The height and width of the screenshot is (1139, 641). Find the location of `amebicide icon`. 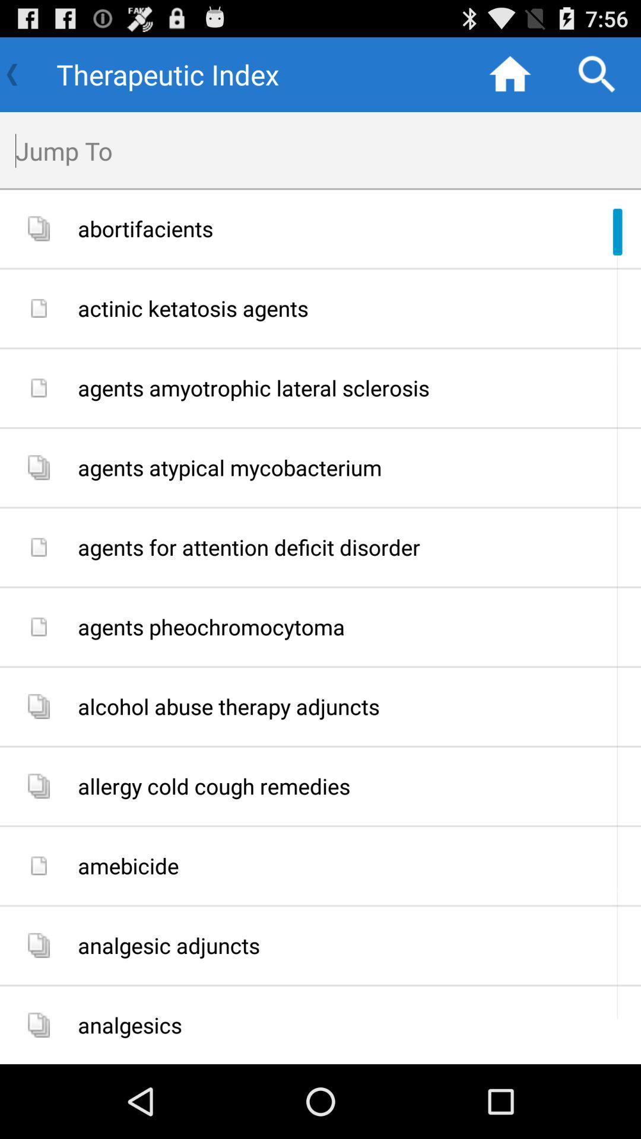

amebicide icon is located at coordinates (354, 866).